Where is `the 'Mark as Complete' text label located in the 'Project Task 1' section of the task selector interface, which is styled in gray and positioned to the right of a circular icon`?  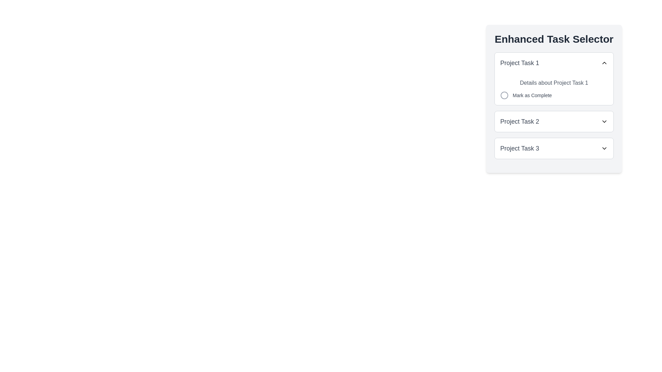
the 'Mark as Complete' text label located in the 'Project Task 1' section of the task selector interface, which is styled in gray and positioned to the right of a circular icon is located at coordinates (532, 95).